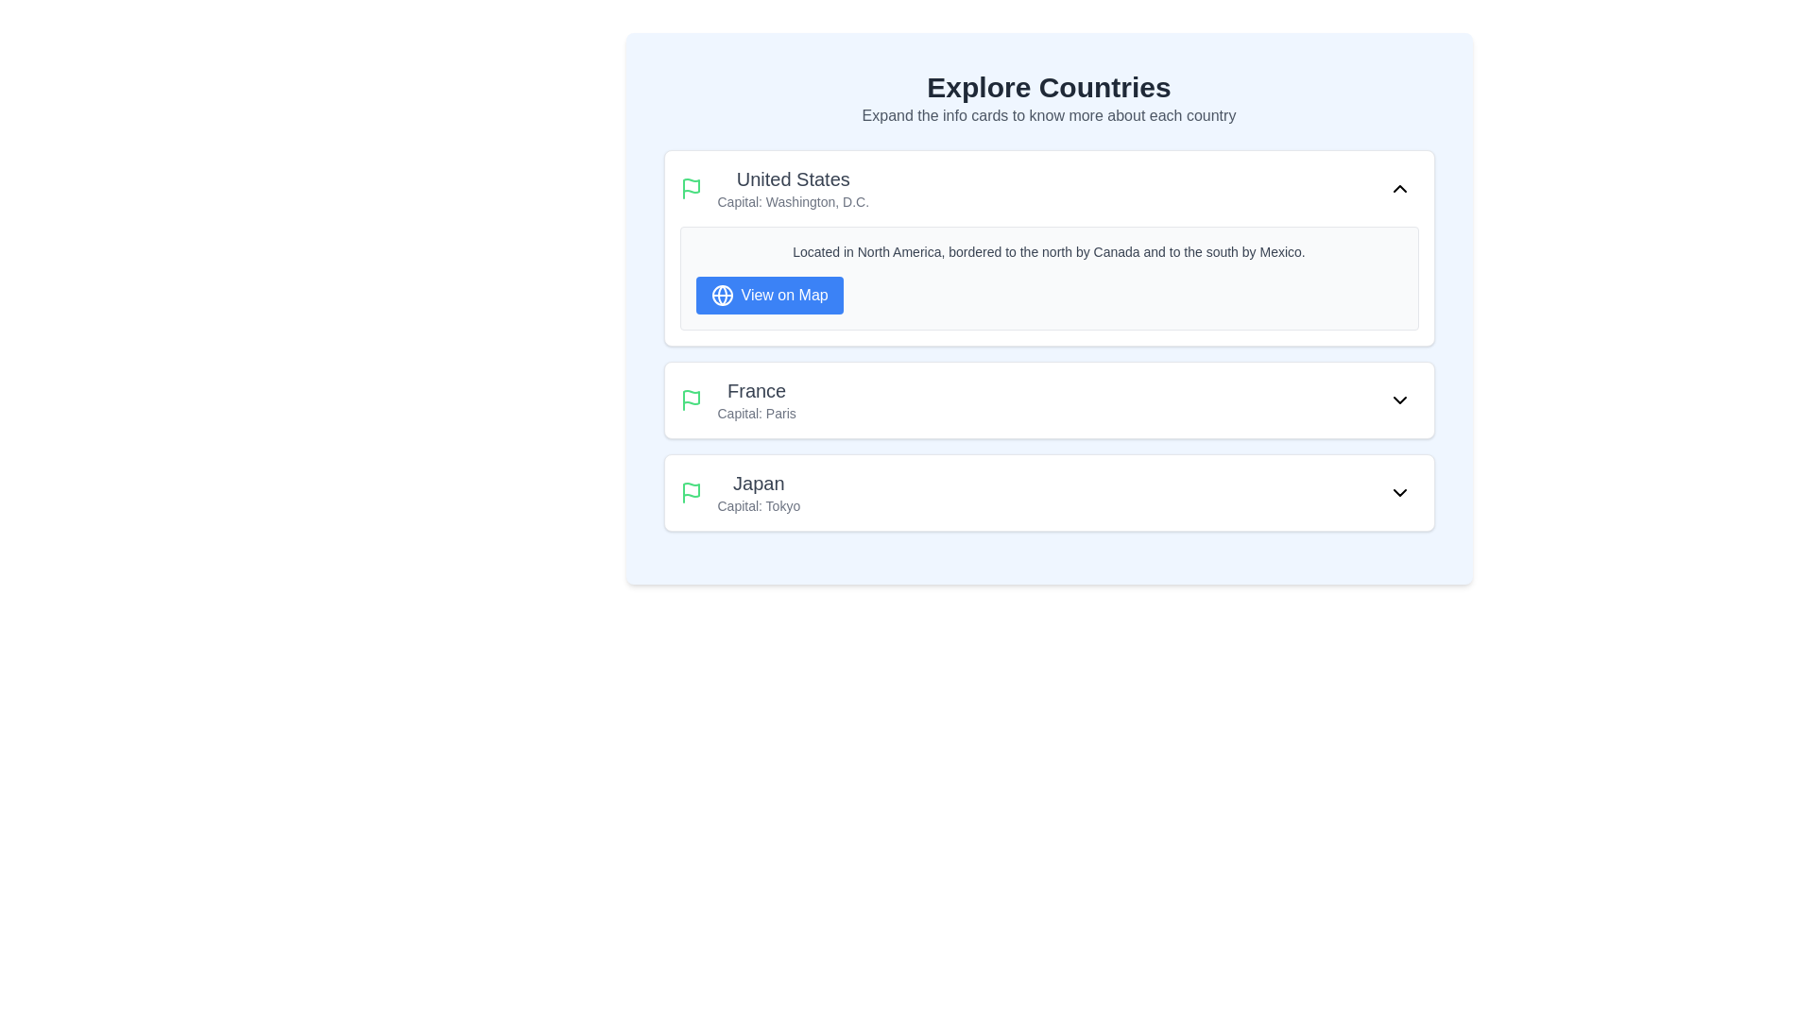 This screenshot has width=1814, height=1020. Describe the element at coordinates (721, 295) in the screenshot. I see `the globe icon representing the 'View on Map' functionality, located within the button in the 'United States' section` at that location.